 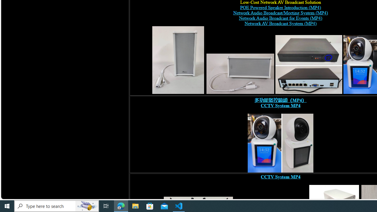 What do you see at coordinates (308, 64) in the screenshot?
I see `'POE switch, digital network video recorder,'` at bounding box center [308, 64].